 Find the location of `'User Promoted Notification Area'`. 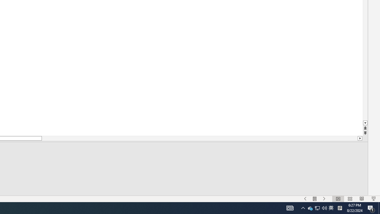

'User Promoted Notification Area' is located at coordinates (324, 207).